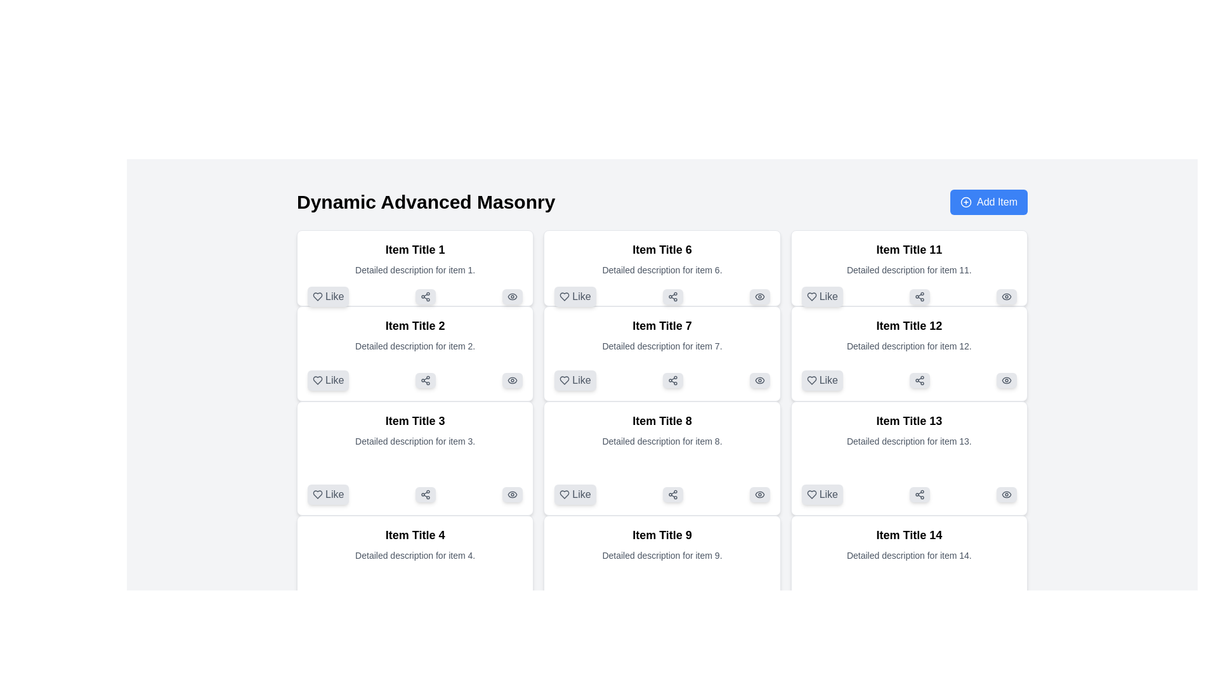 Image resolution: width=1218 pixels, height=685 pixels. Describe the element at coordinates (334, 380) in the screenshot. I see `the 'Like' button associated with the text label displaying 'Like', which is located within the box labeled 'Item Title 2'` at that location.